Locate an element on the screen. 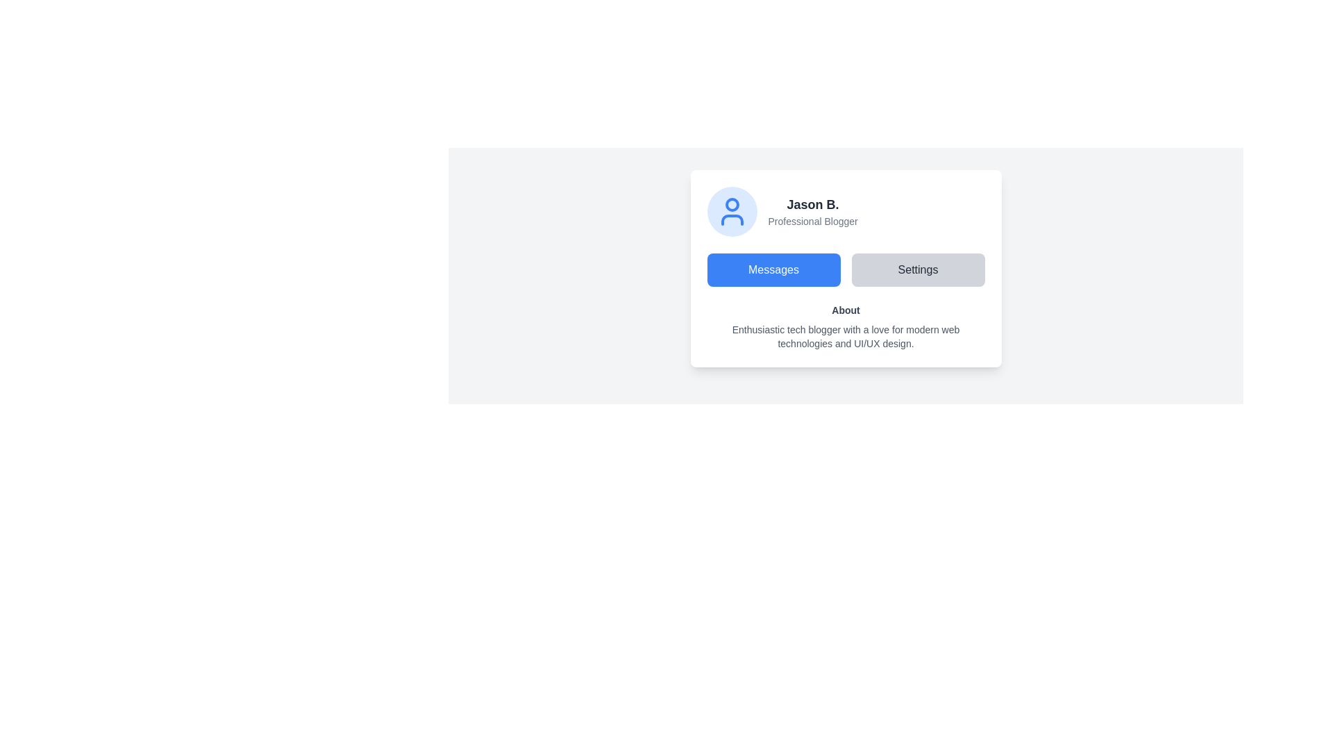 This screenshot has width=1333, height=750. the text label displaying 'Professional Blogger', which is centrally aligned below the 'Jason B.' label in a light-themed profile card is located at coordinates (813, 221).